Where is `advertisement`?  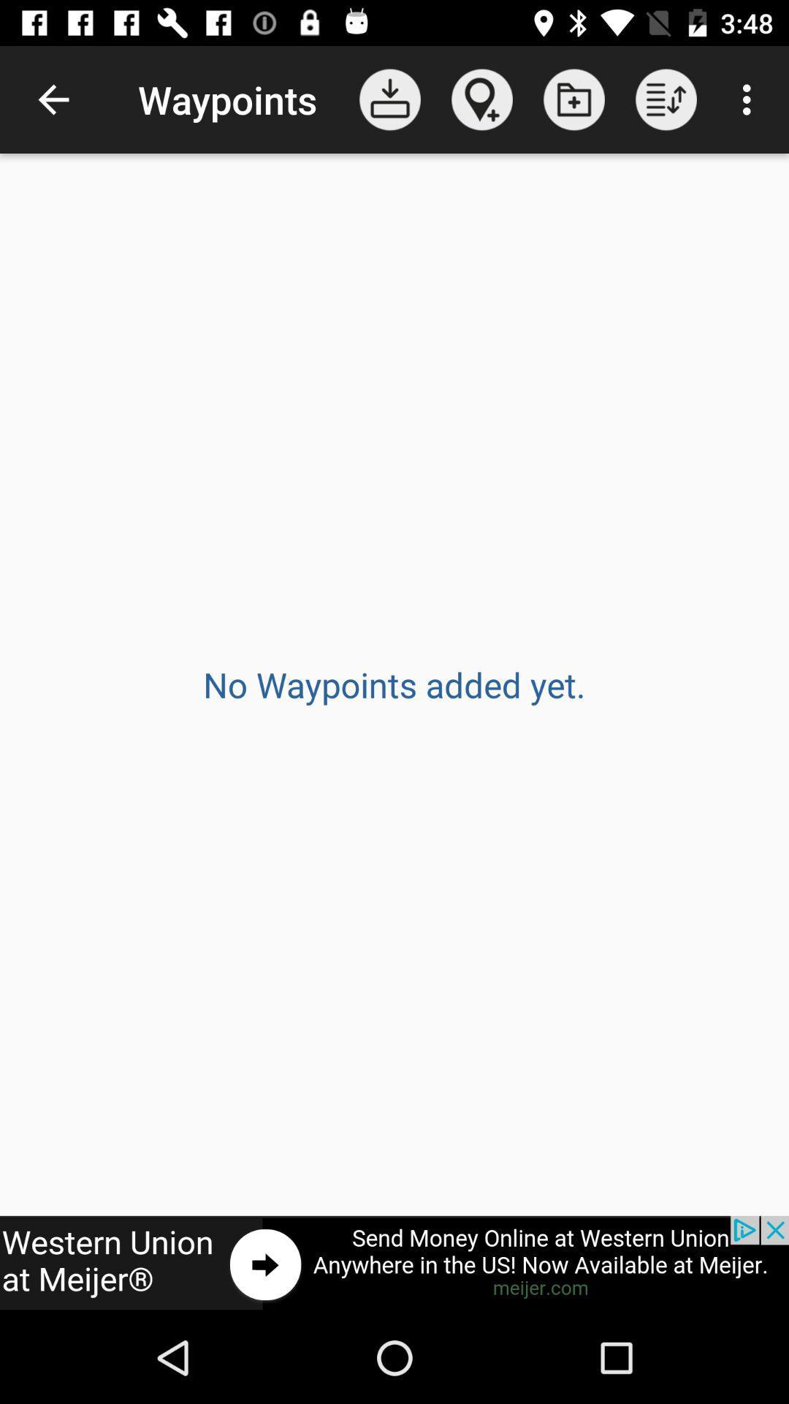
advertisement is located at coordinates (394, 1263).